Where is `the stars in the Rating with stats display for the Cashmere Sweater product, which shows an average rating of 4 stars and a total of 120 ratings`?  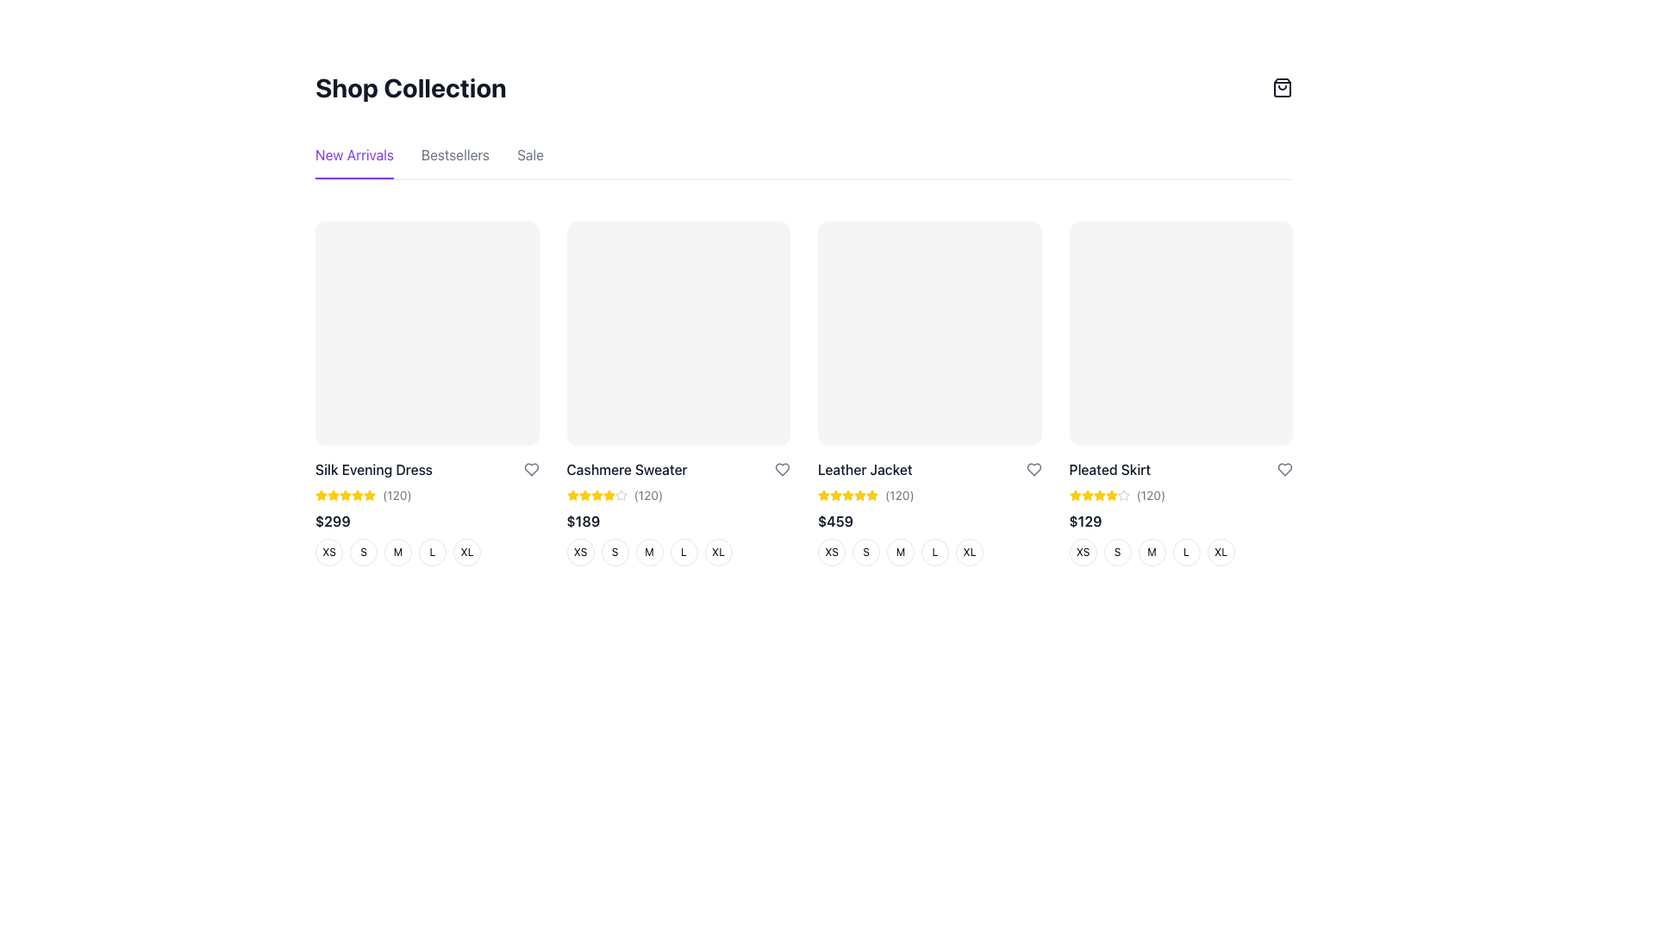 the stars in the Rating with stats display for the Cashmere Sweater product, which shows an average rating of 4 stars and a total of 120 ratings is located at coordinates (678, 495).